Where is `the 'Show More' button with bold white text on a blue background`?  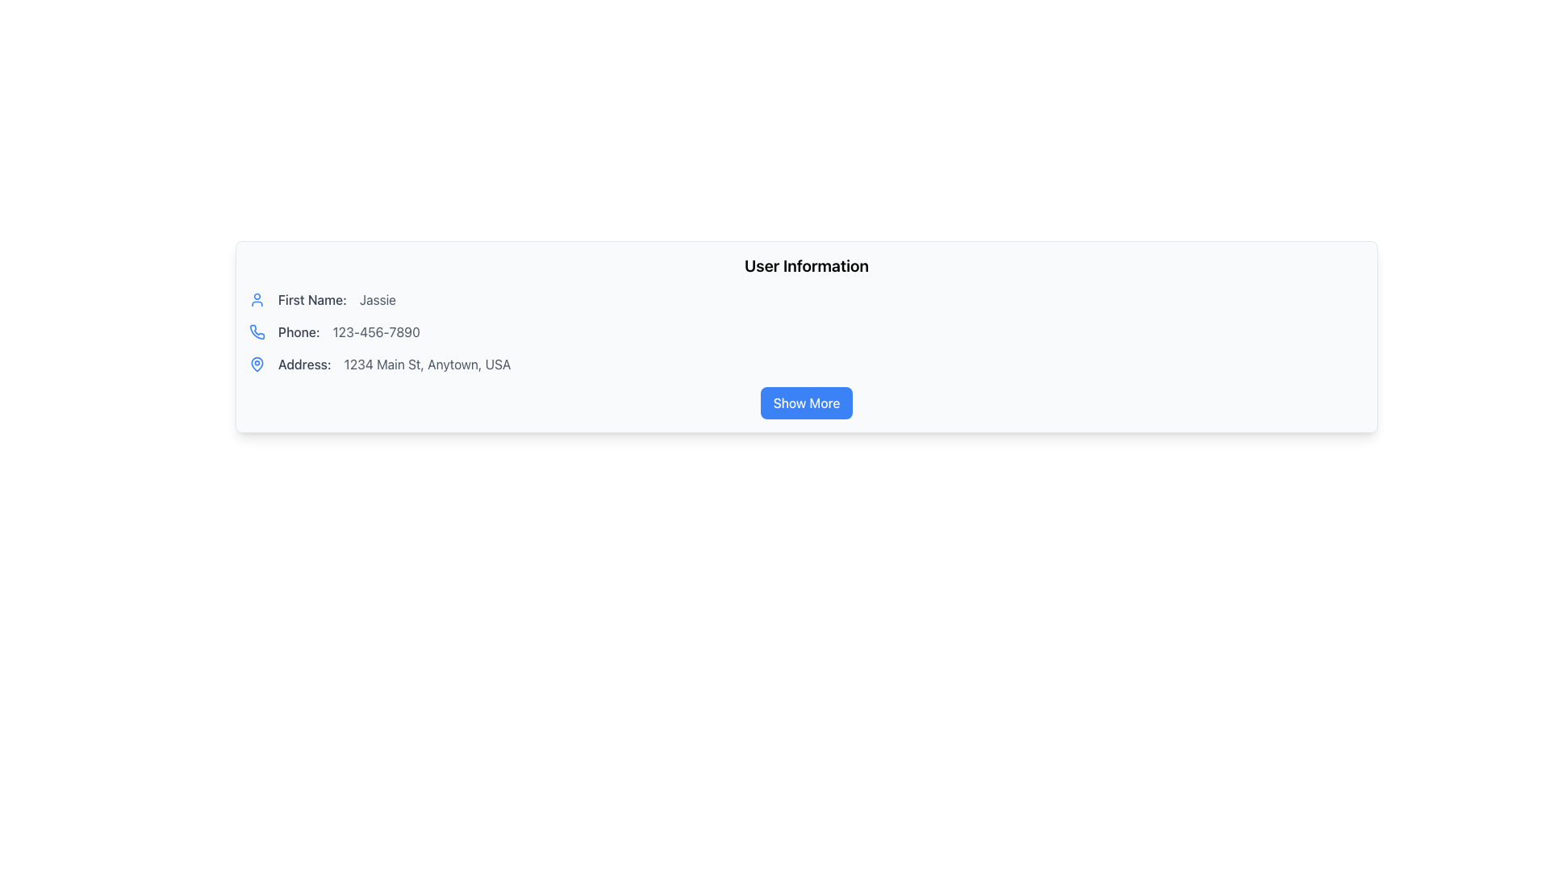
the 'Show More' button with bold white text on a blue background is located at coordinates (806, 402).